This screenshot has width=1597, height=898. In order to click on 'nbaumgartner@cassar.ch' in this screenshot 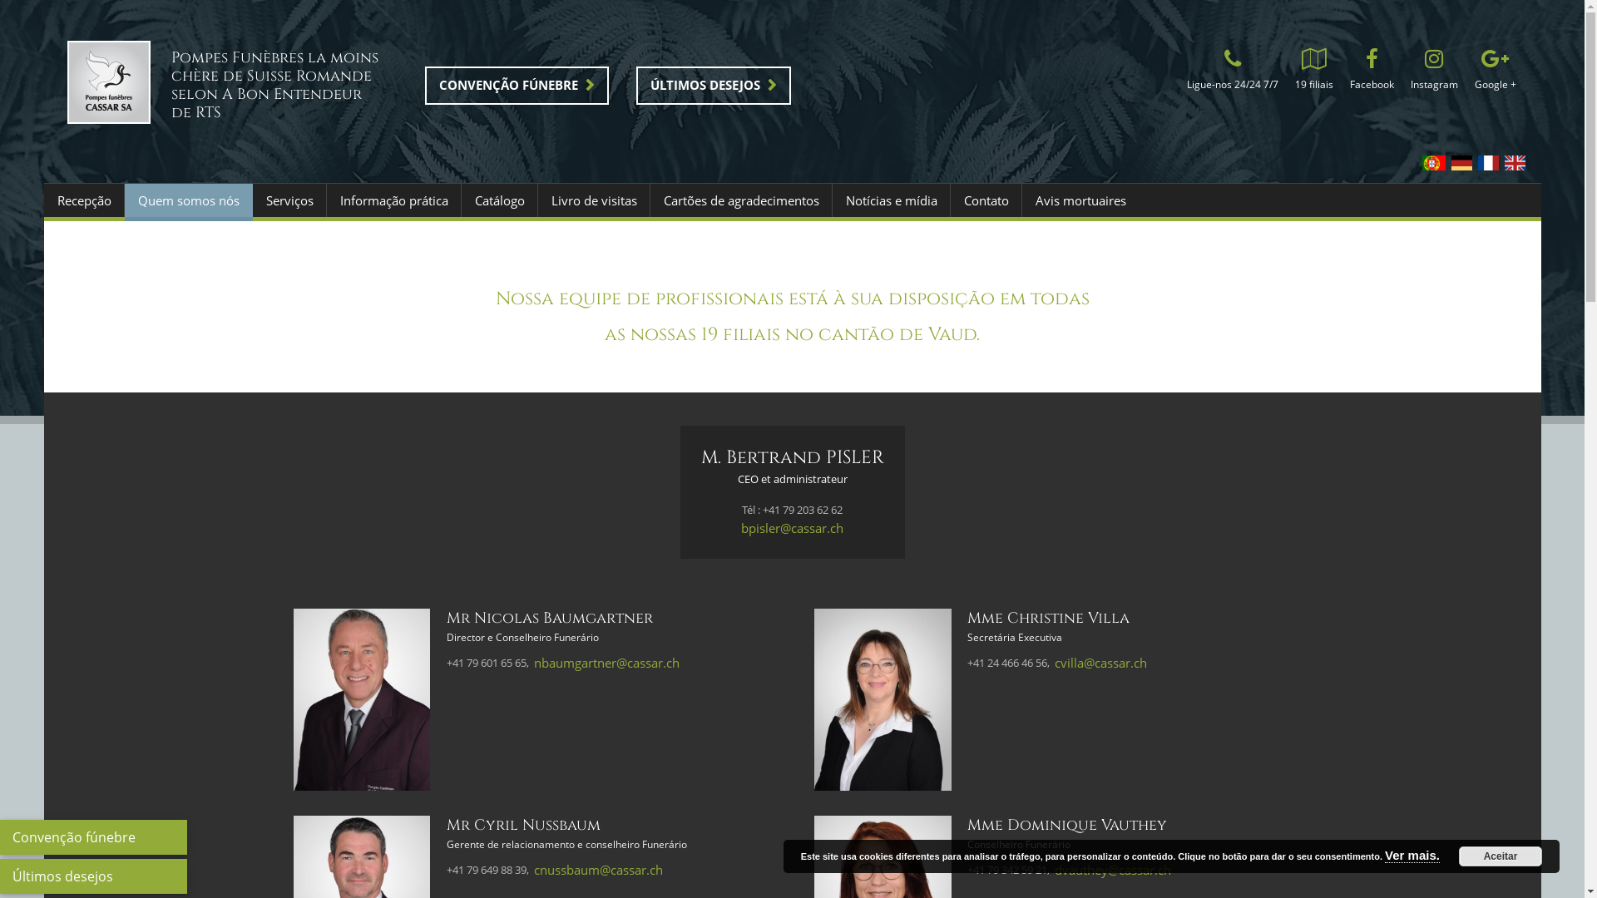, I will do `click(534, 662)`.